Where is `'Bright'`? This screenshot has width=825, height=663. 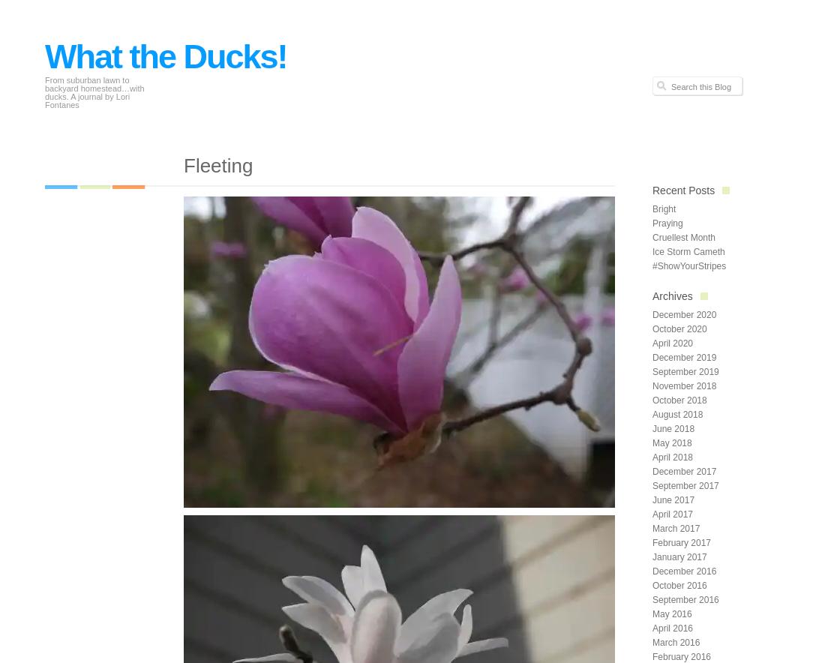
'Bright' is located at coordinates (663, 208).